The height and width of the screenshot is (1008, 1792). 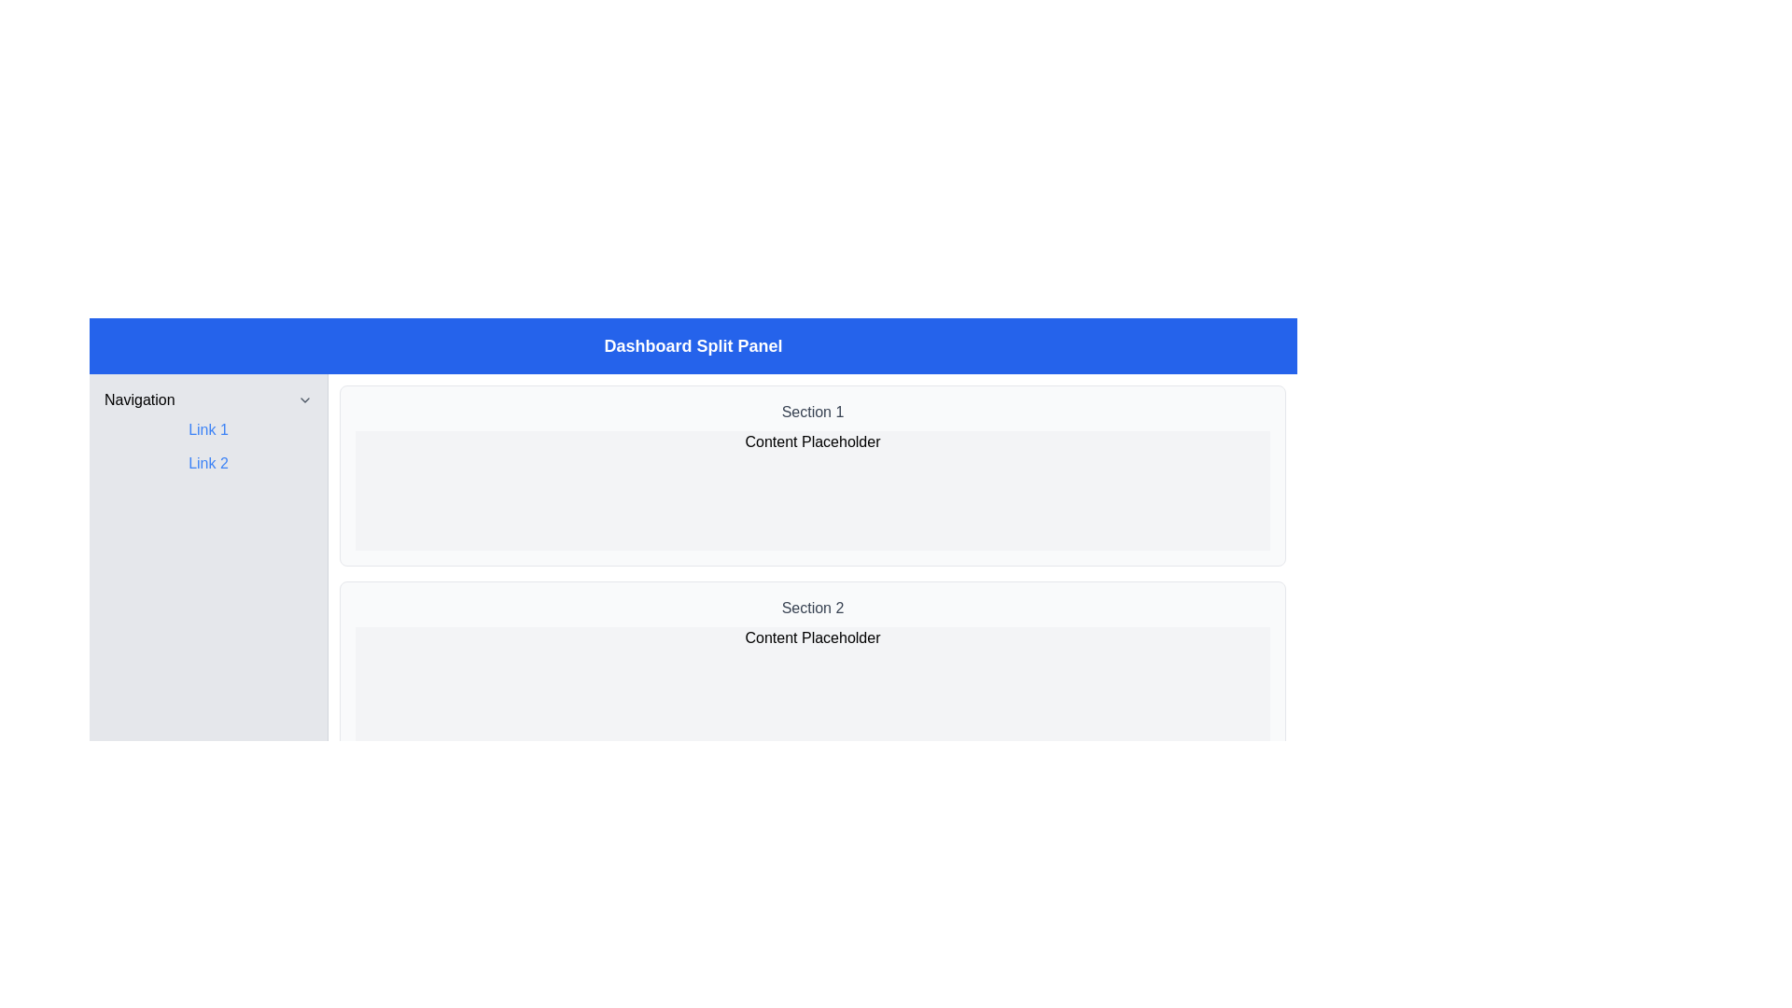 What do you see at coordinates (208, 446) in the screenshot?
I see `'Link 1' in the navigation link group located in the navigation panel on the left side of the interface` at bounding box center [208, 446].